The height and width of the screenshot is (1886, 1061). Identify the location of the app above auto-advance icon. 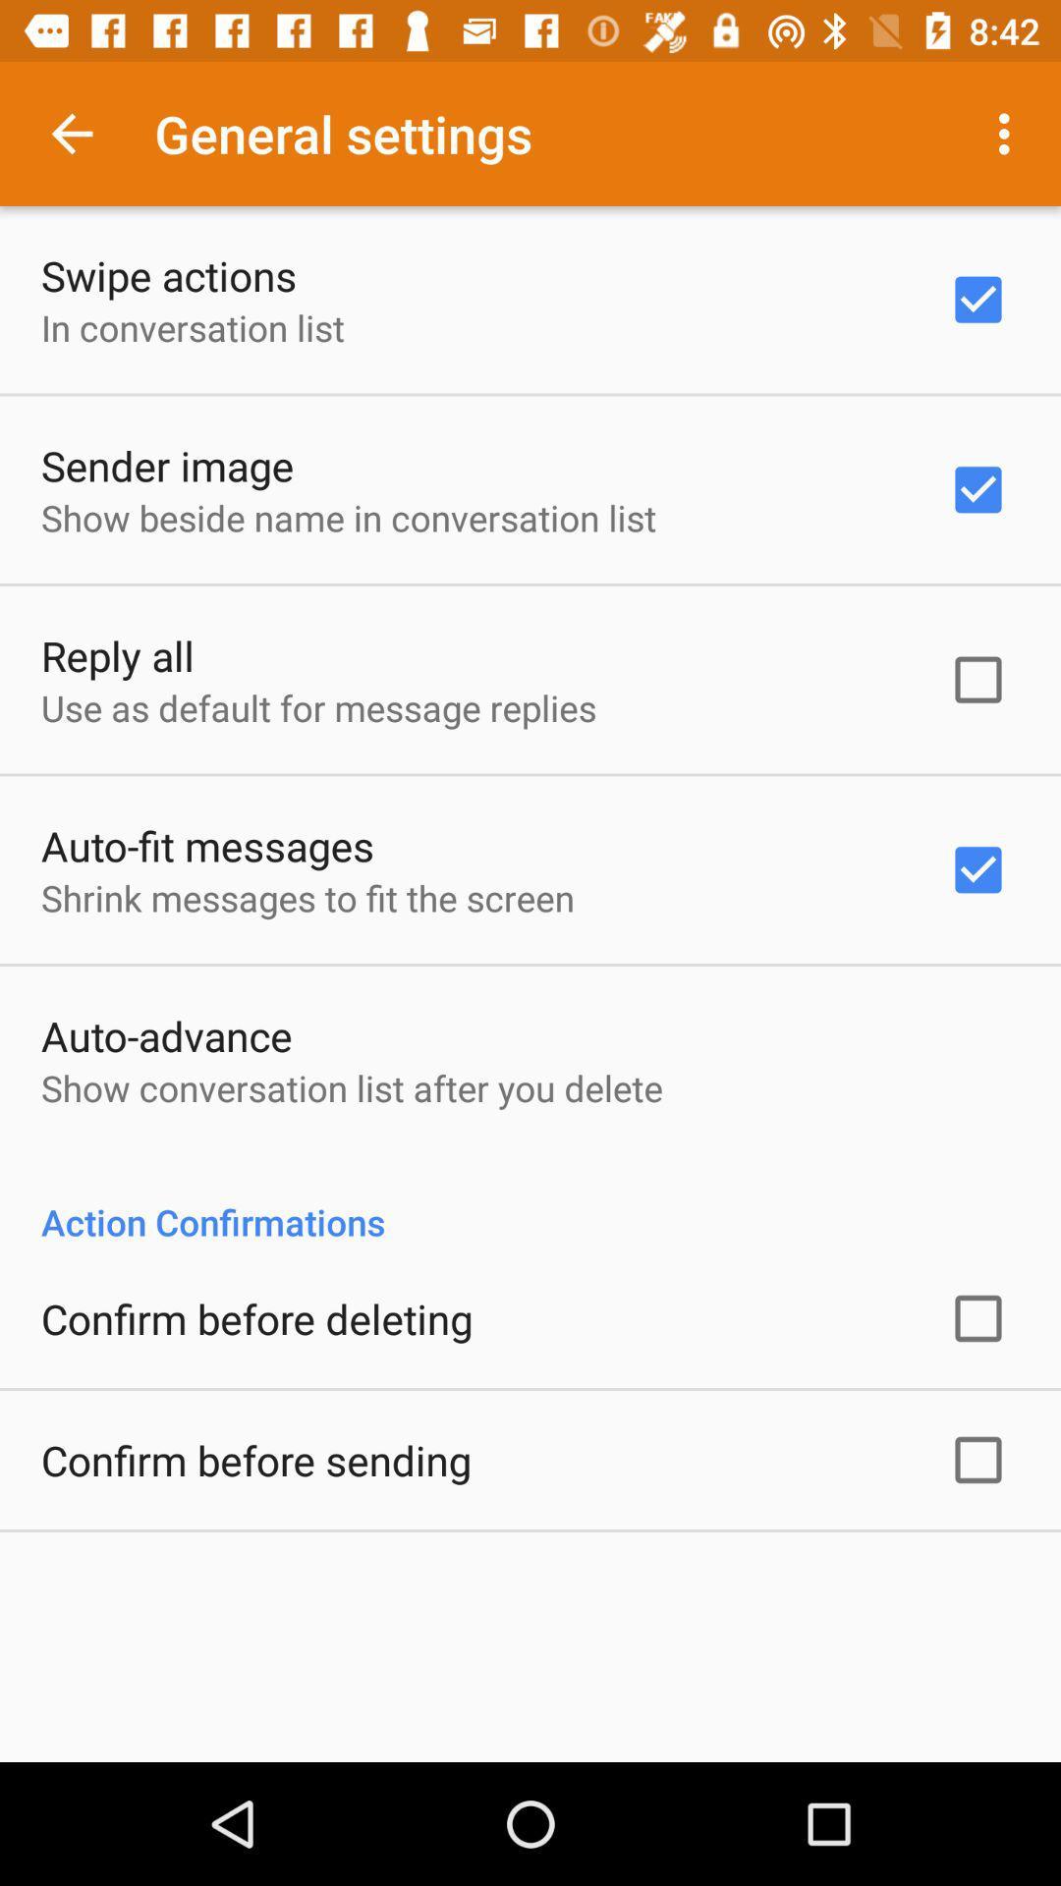
(307, 897).